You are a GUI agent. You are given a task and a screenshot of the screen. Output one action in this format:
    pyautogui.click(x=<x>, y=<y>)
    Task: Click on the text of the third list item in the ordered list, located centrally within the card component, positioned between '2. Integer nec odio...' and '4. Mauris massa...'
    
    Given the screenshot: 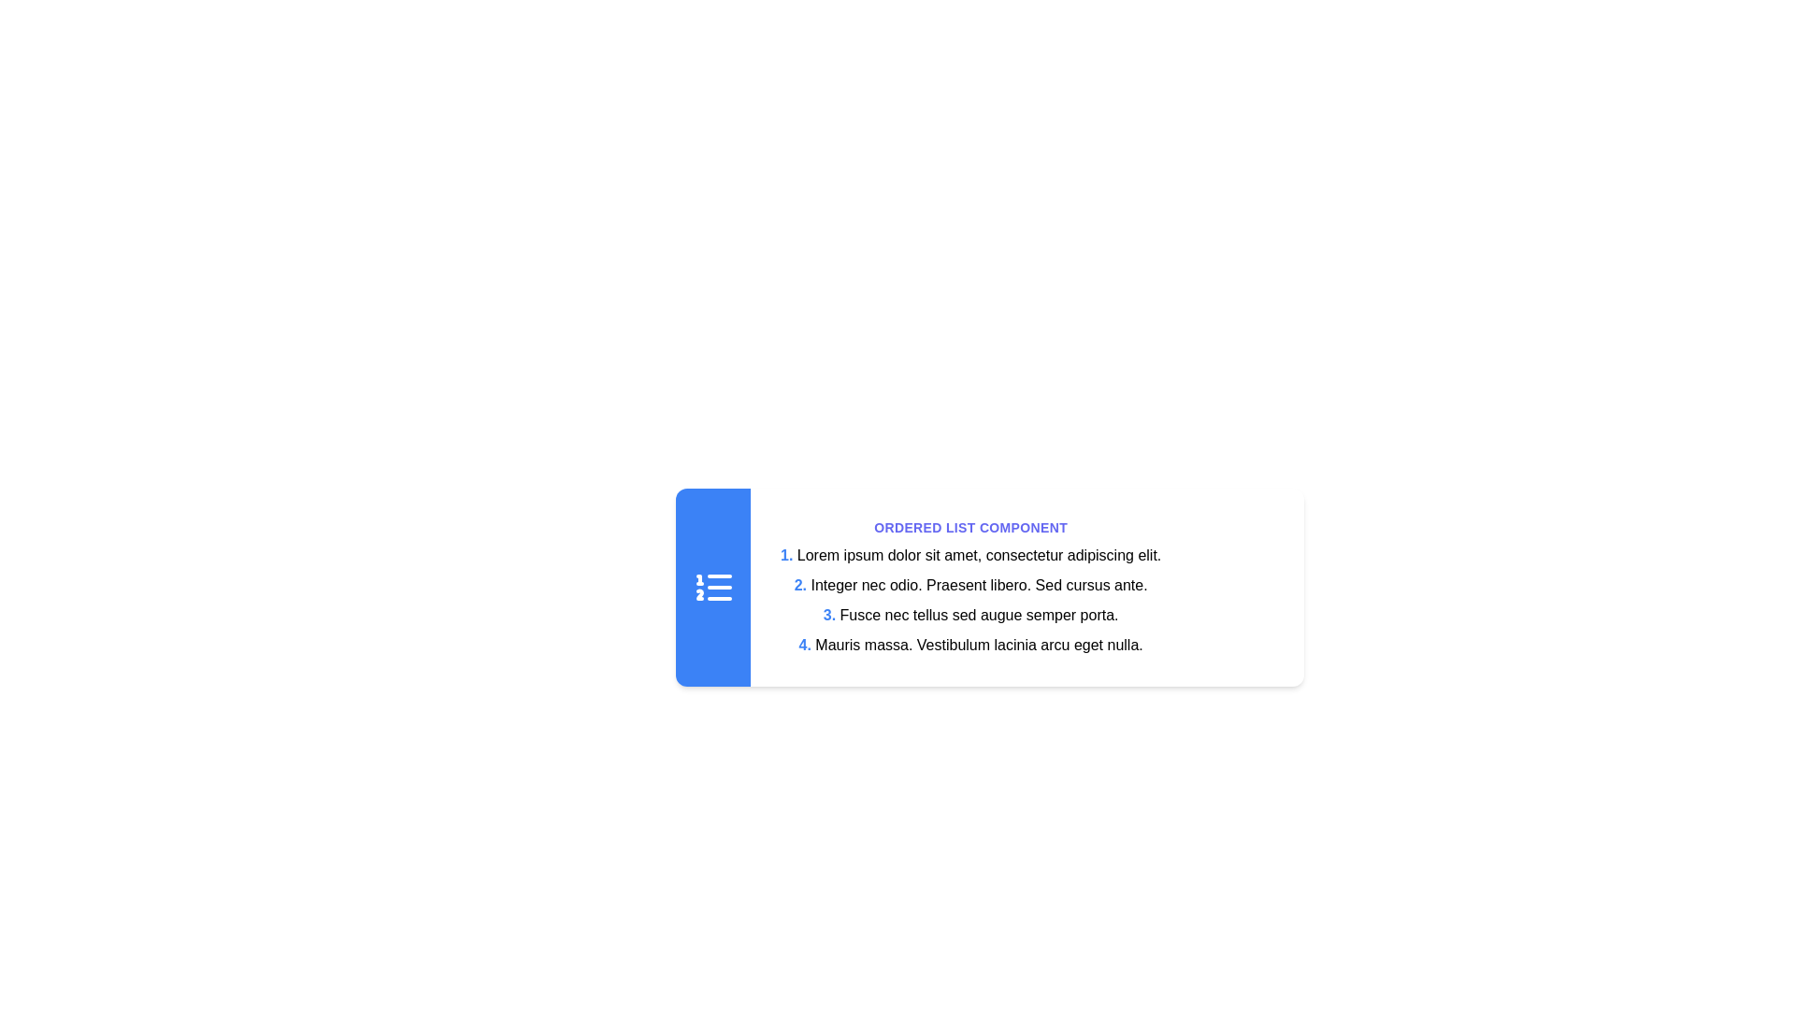 What is the action you would take?
    pyautogui.click(x=970, y=616)
    